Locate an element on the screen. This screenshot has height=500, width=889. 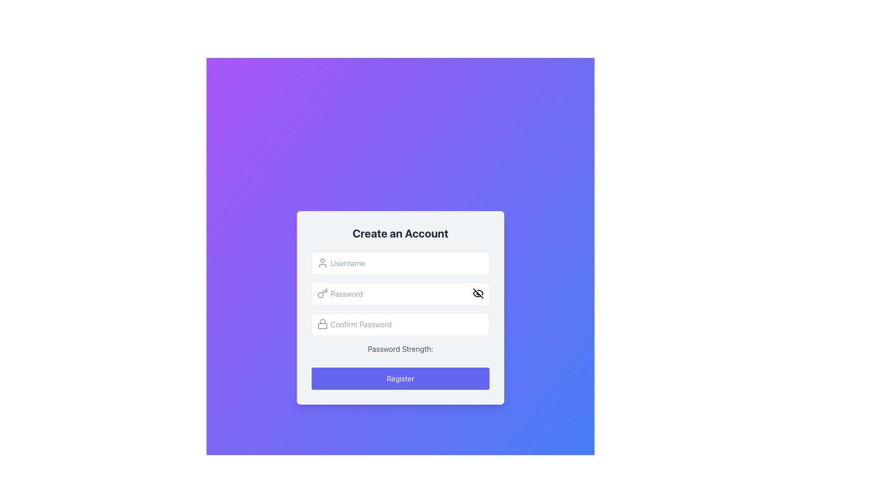
the Text header element that serves as the title for the registration form, positioned near the top of the centered box is located at coordinates (400, 233).